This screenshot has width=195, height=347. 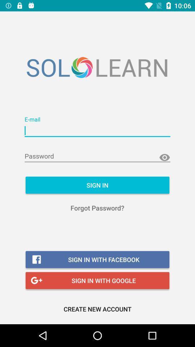 I want to click on e-mail address, so click(x=97, y=130).